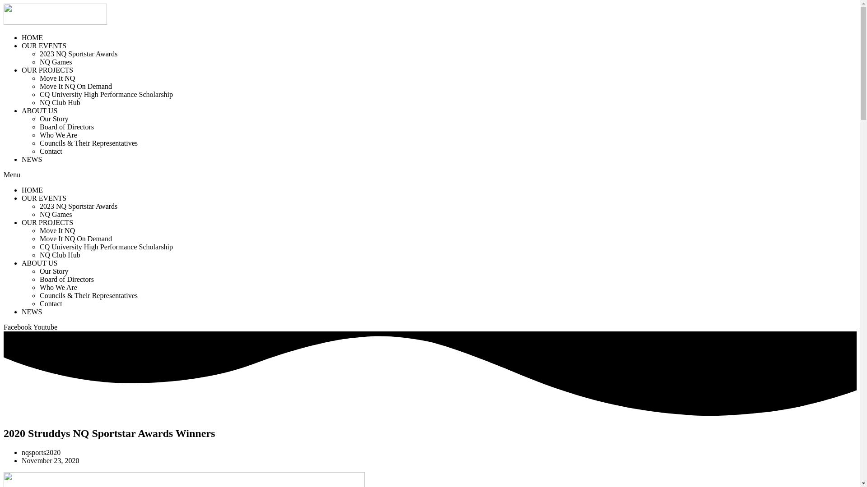 This screenshot has width=867, height=487. What do you see at coordinates (32, 311) in the screenshot?
I see `'NEWS'` at bounding box center [32, 311].